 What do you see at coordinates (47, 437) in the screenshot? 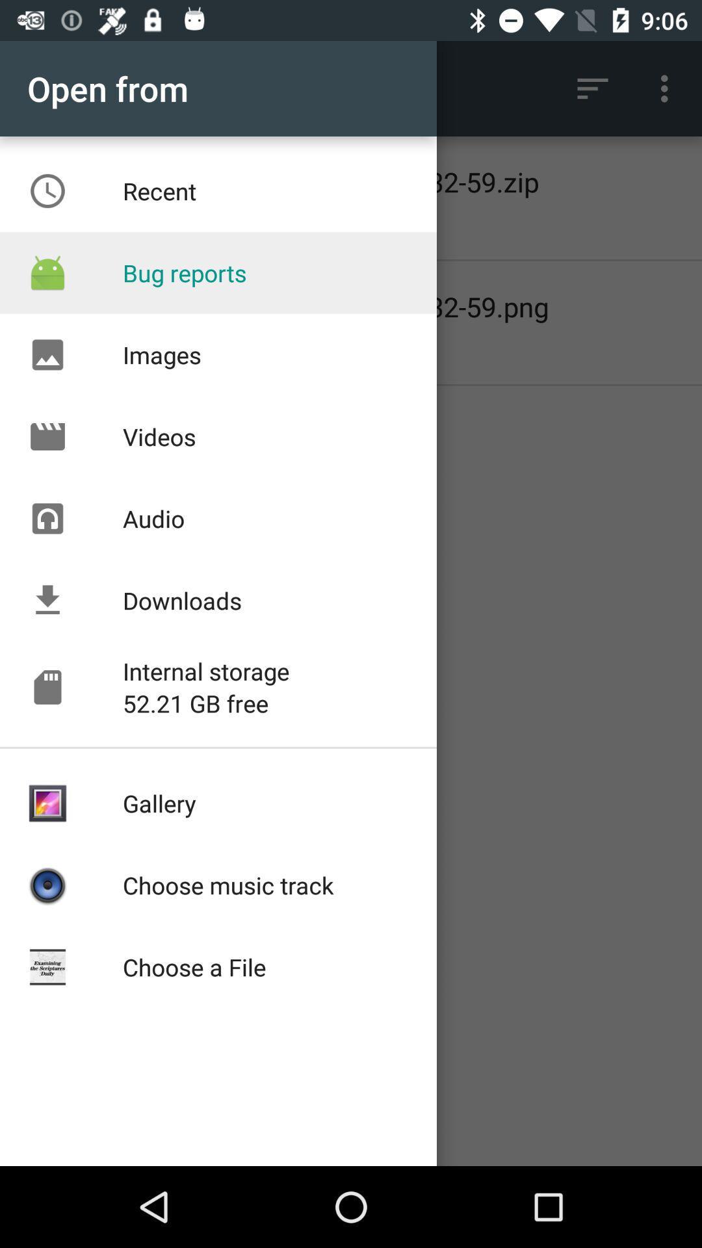
I see `the icon which is left side of videos` at bounding box center [47, 437].